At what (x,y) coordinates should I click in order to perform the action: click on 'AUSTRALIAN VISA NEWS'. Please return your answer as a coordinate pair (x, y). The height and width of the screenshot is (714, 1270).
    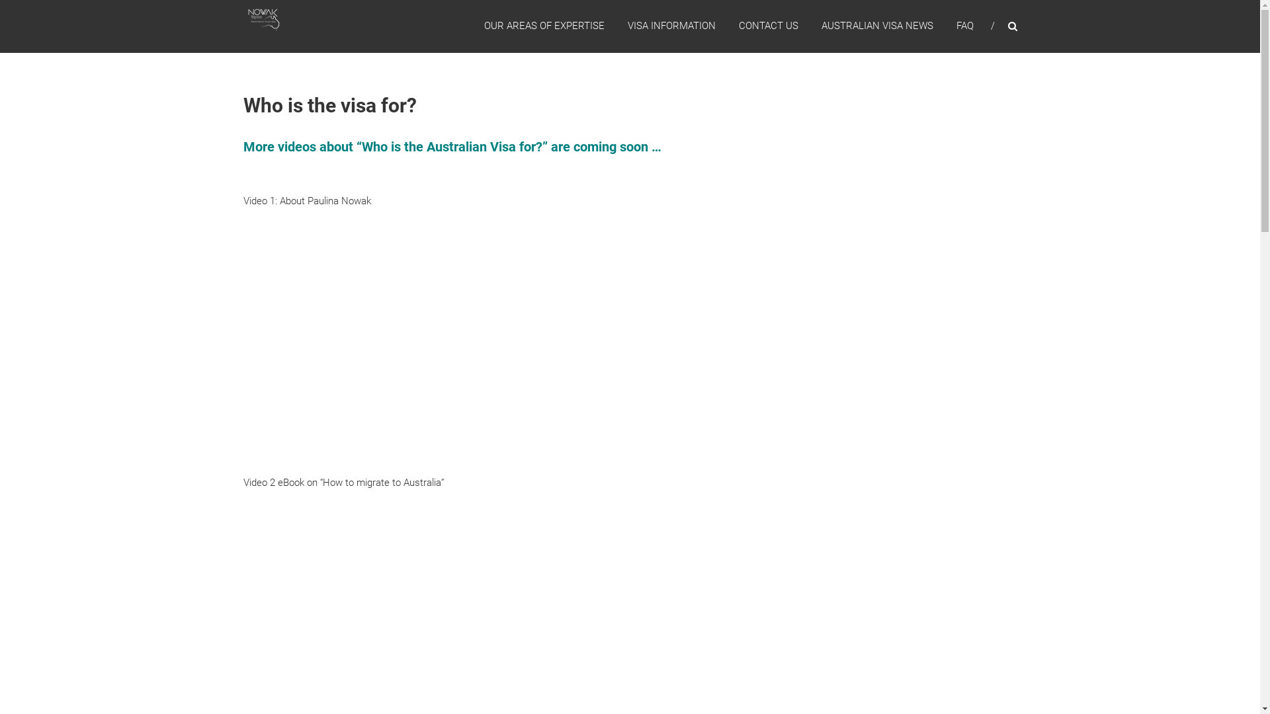
    Looking at the image, I should click on (877, 25).